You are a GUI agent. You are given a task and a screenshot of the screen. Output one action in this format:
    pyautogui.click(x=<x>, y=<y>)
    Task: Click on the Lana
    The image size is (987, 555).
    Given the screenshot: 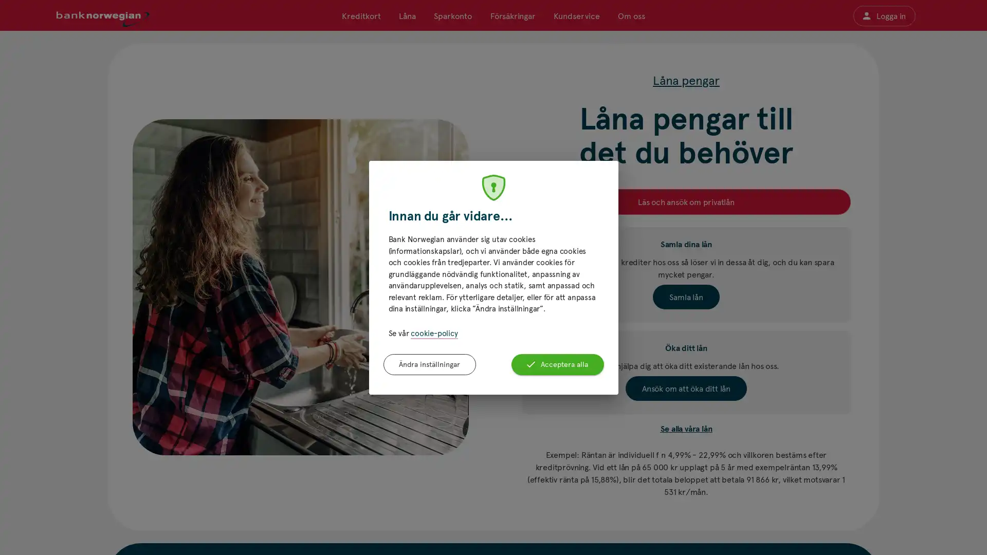 What is the action you would take?
    pyautogui.click(x=407, y=15)
    